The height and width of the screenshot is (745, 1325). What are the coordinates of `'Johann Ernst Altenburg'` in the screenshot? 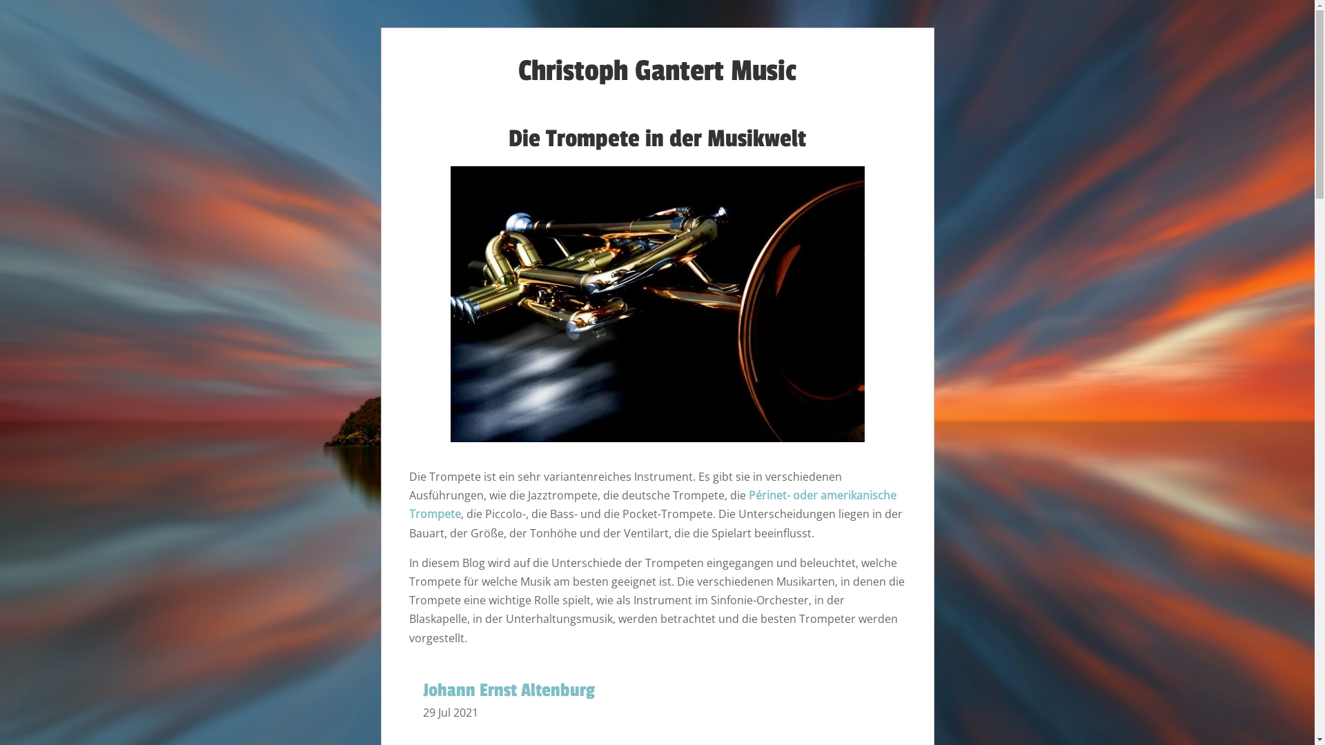 It's located at (507, 691).